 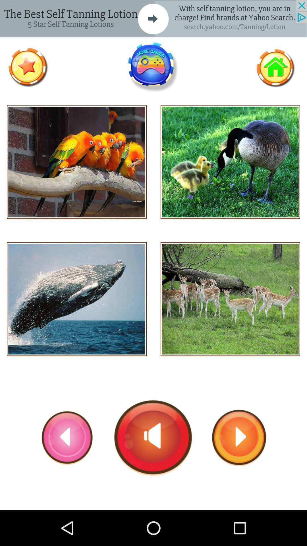 What do you see at coordinates (153, 18) in the screenshot?
I see `advertisement` at bounding box center [153, 18].